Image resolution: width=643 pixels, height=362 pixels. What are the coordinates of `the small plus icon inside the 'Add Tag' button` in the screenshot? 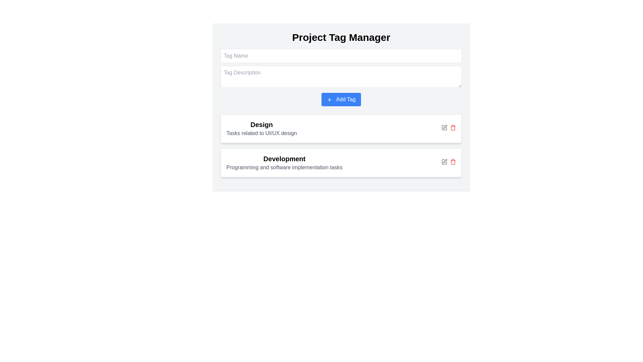 It's located at (329, 100).